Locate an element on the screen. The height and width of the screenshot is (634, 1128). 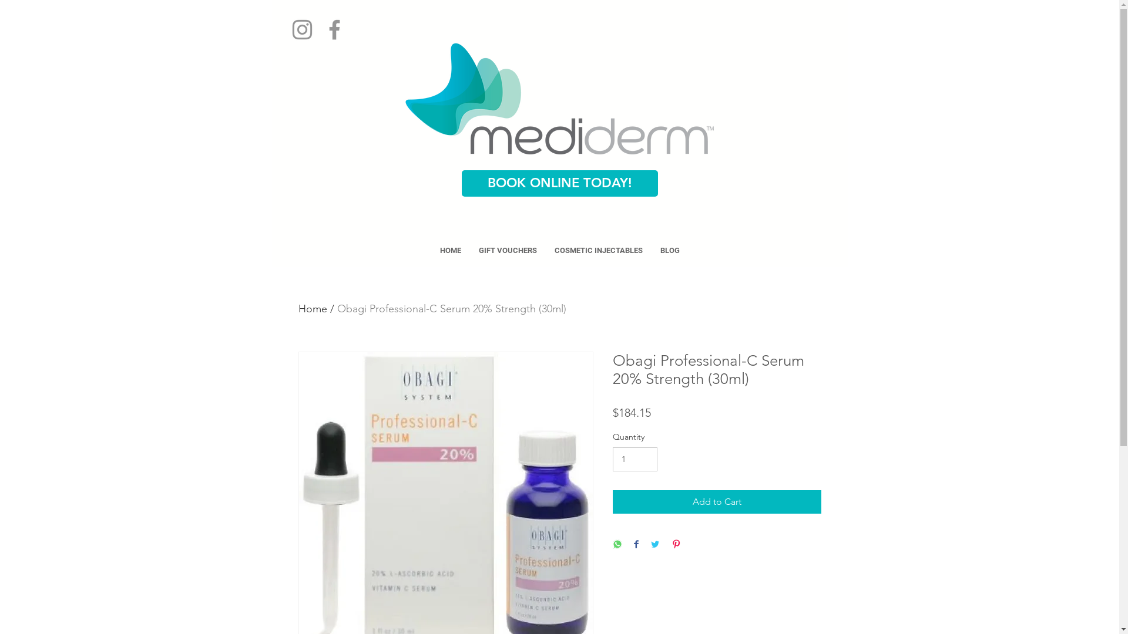
'BOOK ONLINE TODAY!' is located at coordinates (559, 183).